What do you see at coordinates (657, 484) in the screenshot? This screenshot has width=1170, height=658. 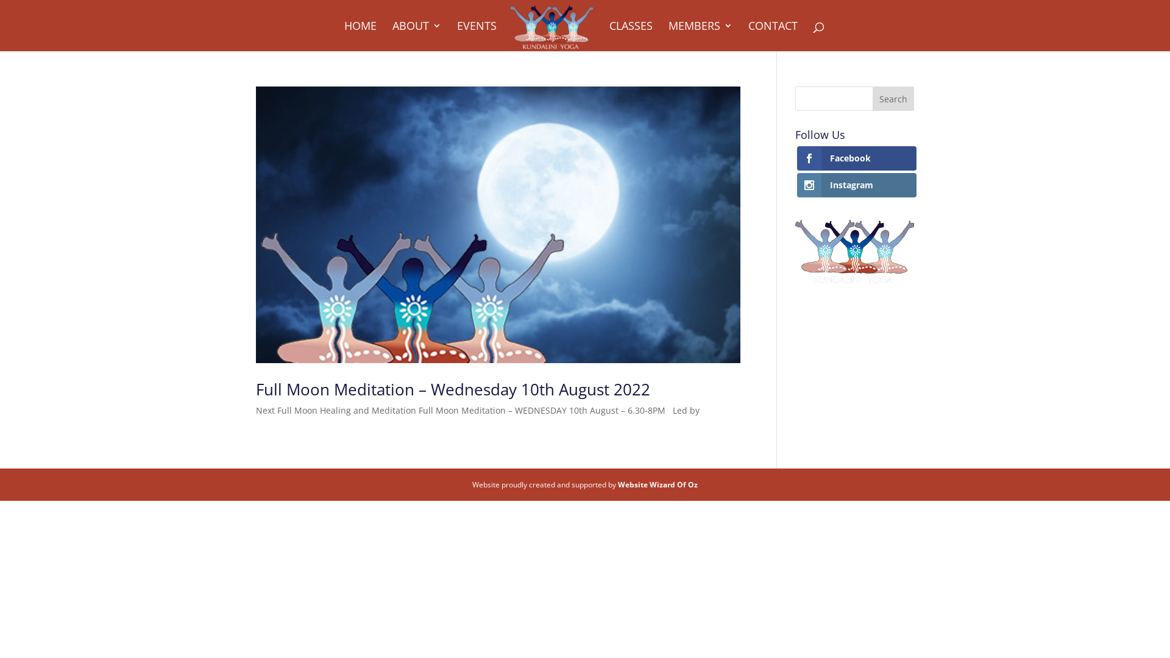 I see `'Website Wizard Of Oz'` at bounding box center [657, 484].